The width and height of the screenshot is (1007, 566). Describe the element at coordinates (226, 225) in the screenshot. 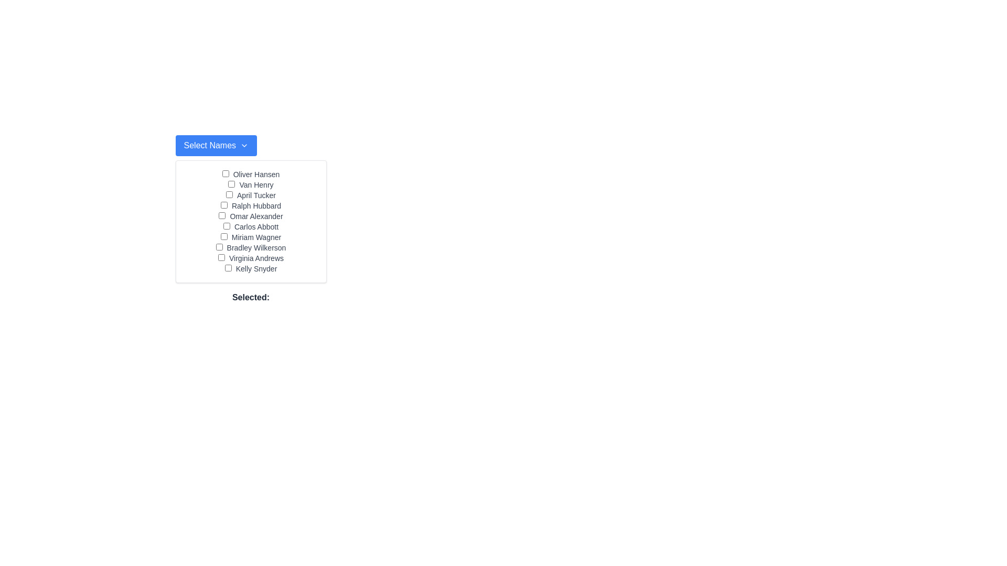

I see `the checkbox labeled 'Carlos Abbott'` at that location.